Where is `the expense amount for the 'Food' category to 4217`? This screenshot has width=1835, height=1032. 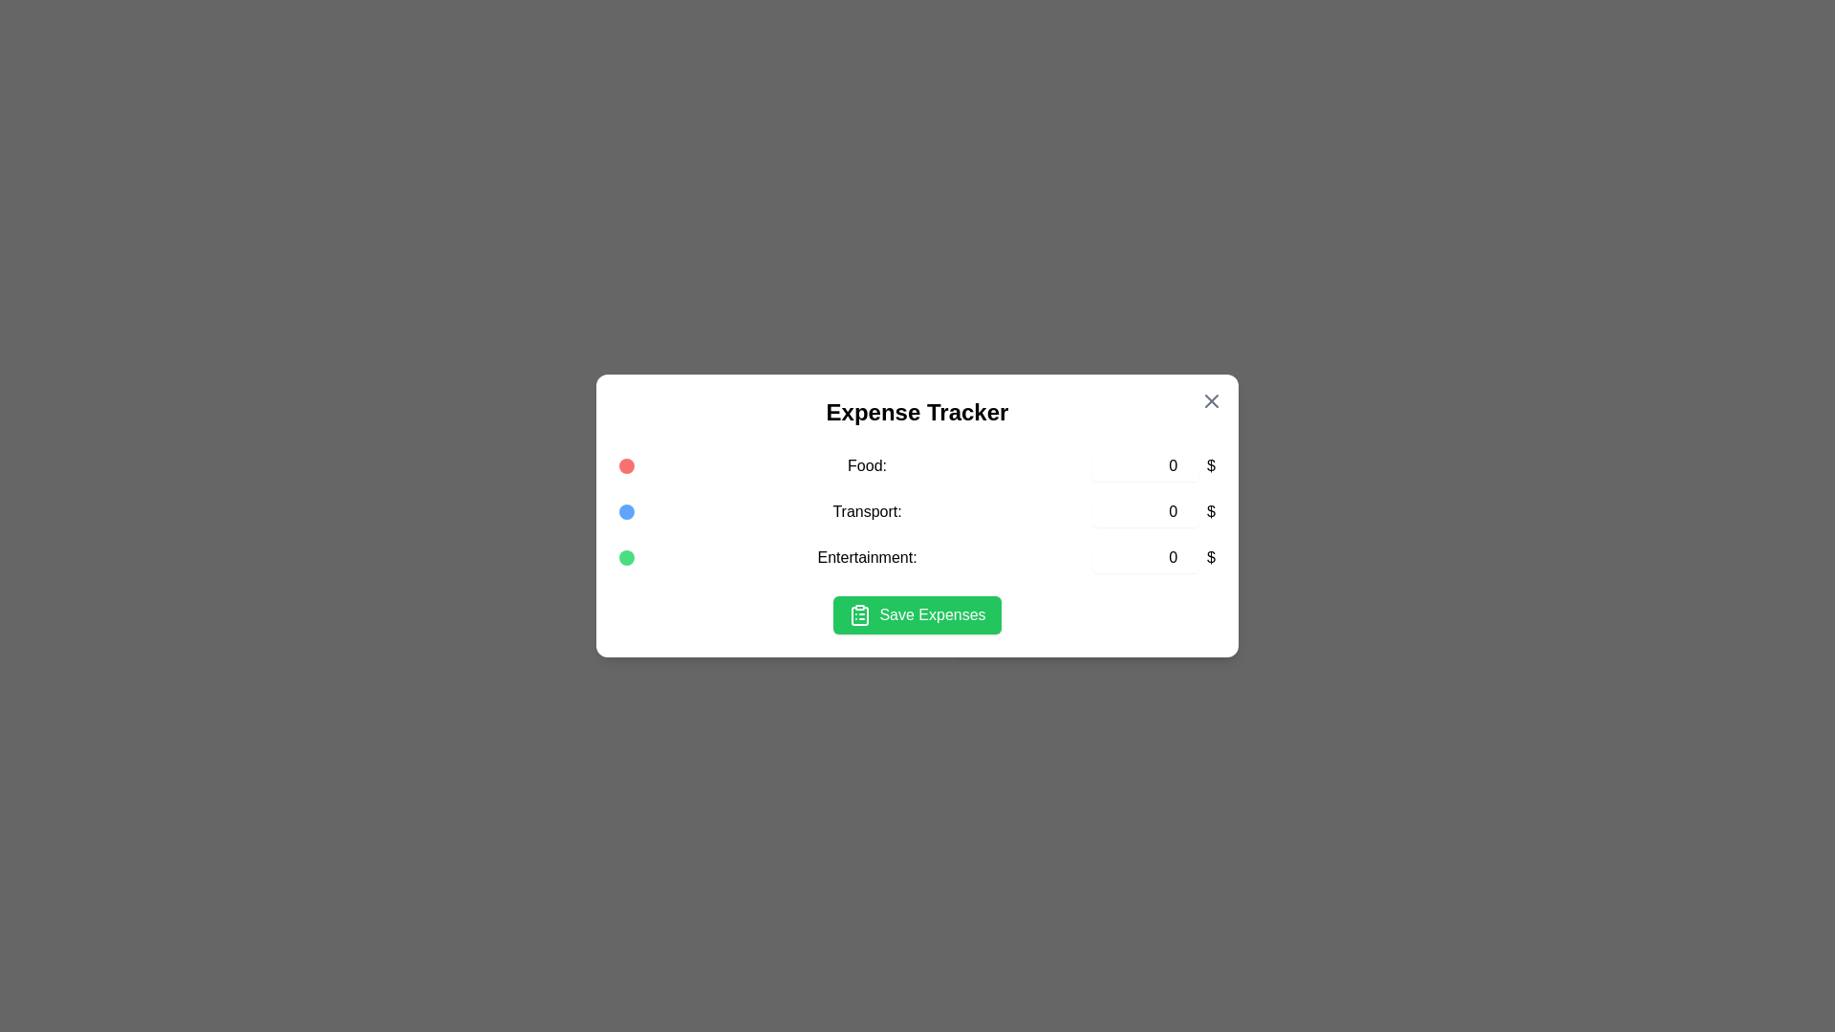 the expense amount for the 'Food' category to 4217 is located at coordinates (1146, 466).